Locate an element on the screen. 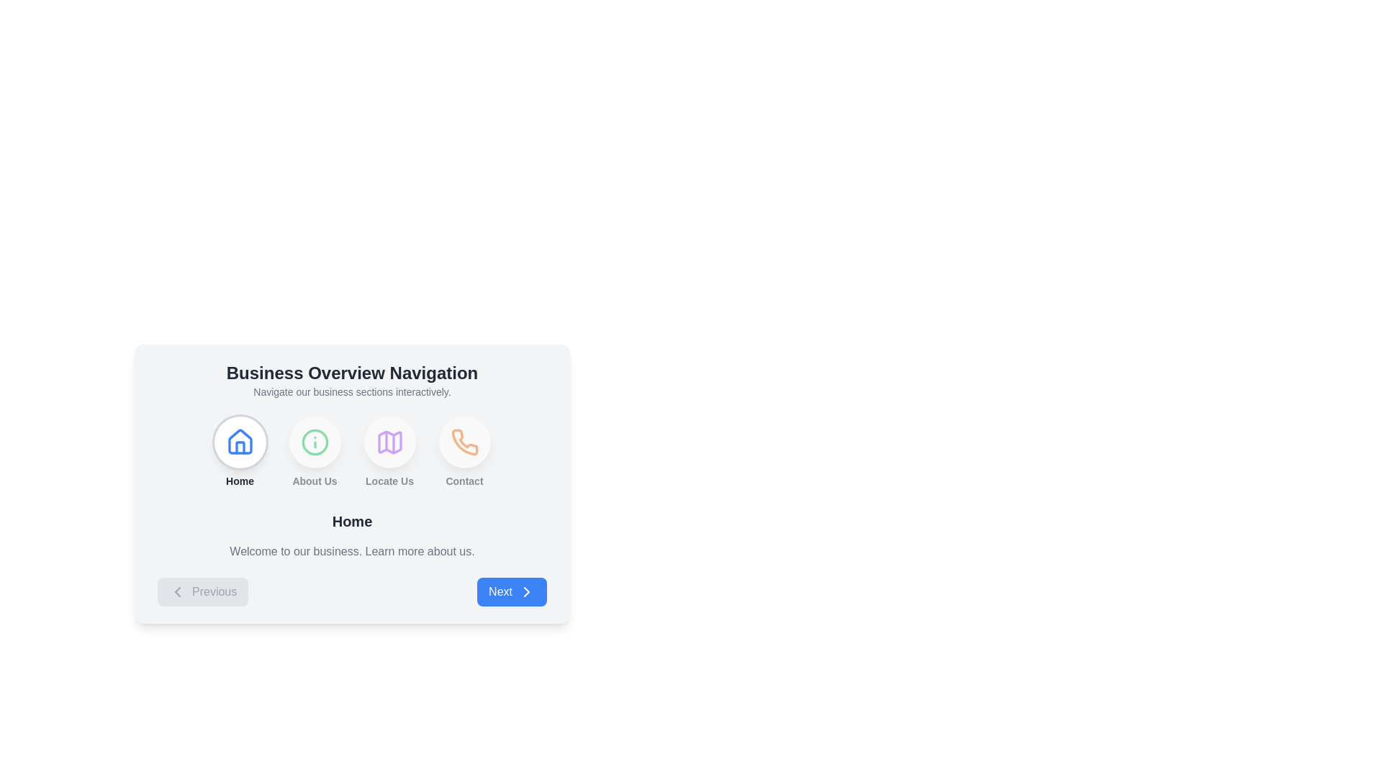 The image size is (1382, 777). the rightmost circular button with a white background and an orange phone icon labeled 'Contact' in the Business Overview Navigation card is located at coordinates (464, 441).